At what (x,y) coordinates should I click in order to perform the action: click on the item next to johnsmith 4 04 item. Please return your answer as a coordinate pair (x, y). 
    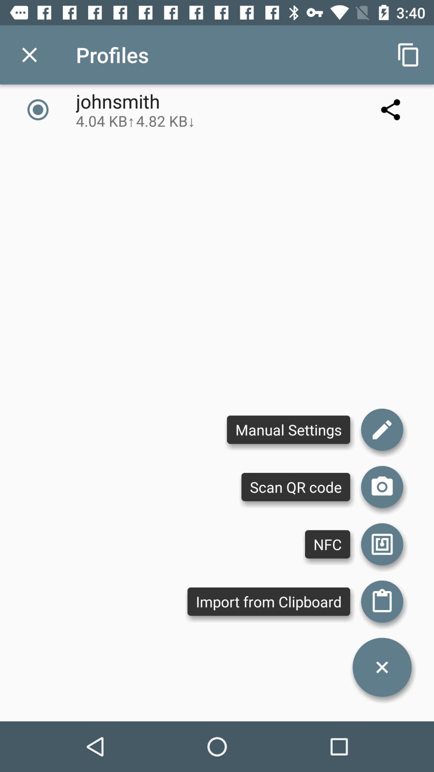
    Looking at the image, I should click on (409, 54).